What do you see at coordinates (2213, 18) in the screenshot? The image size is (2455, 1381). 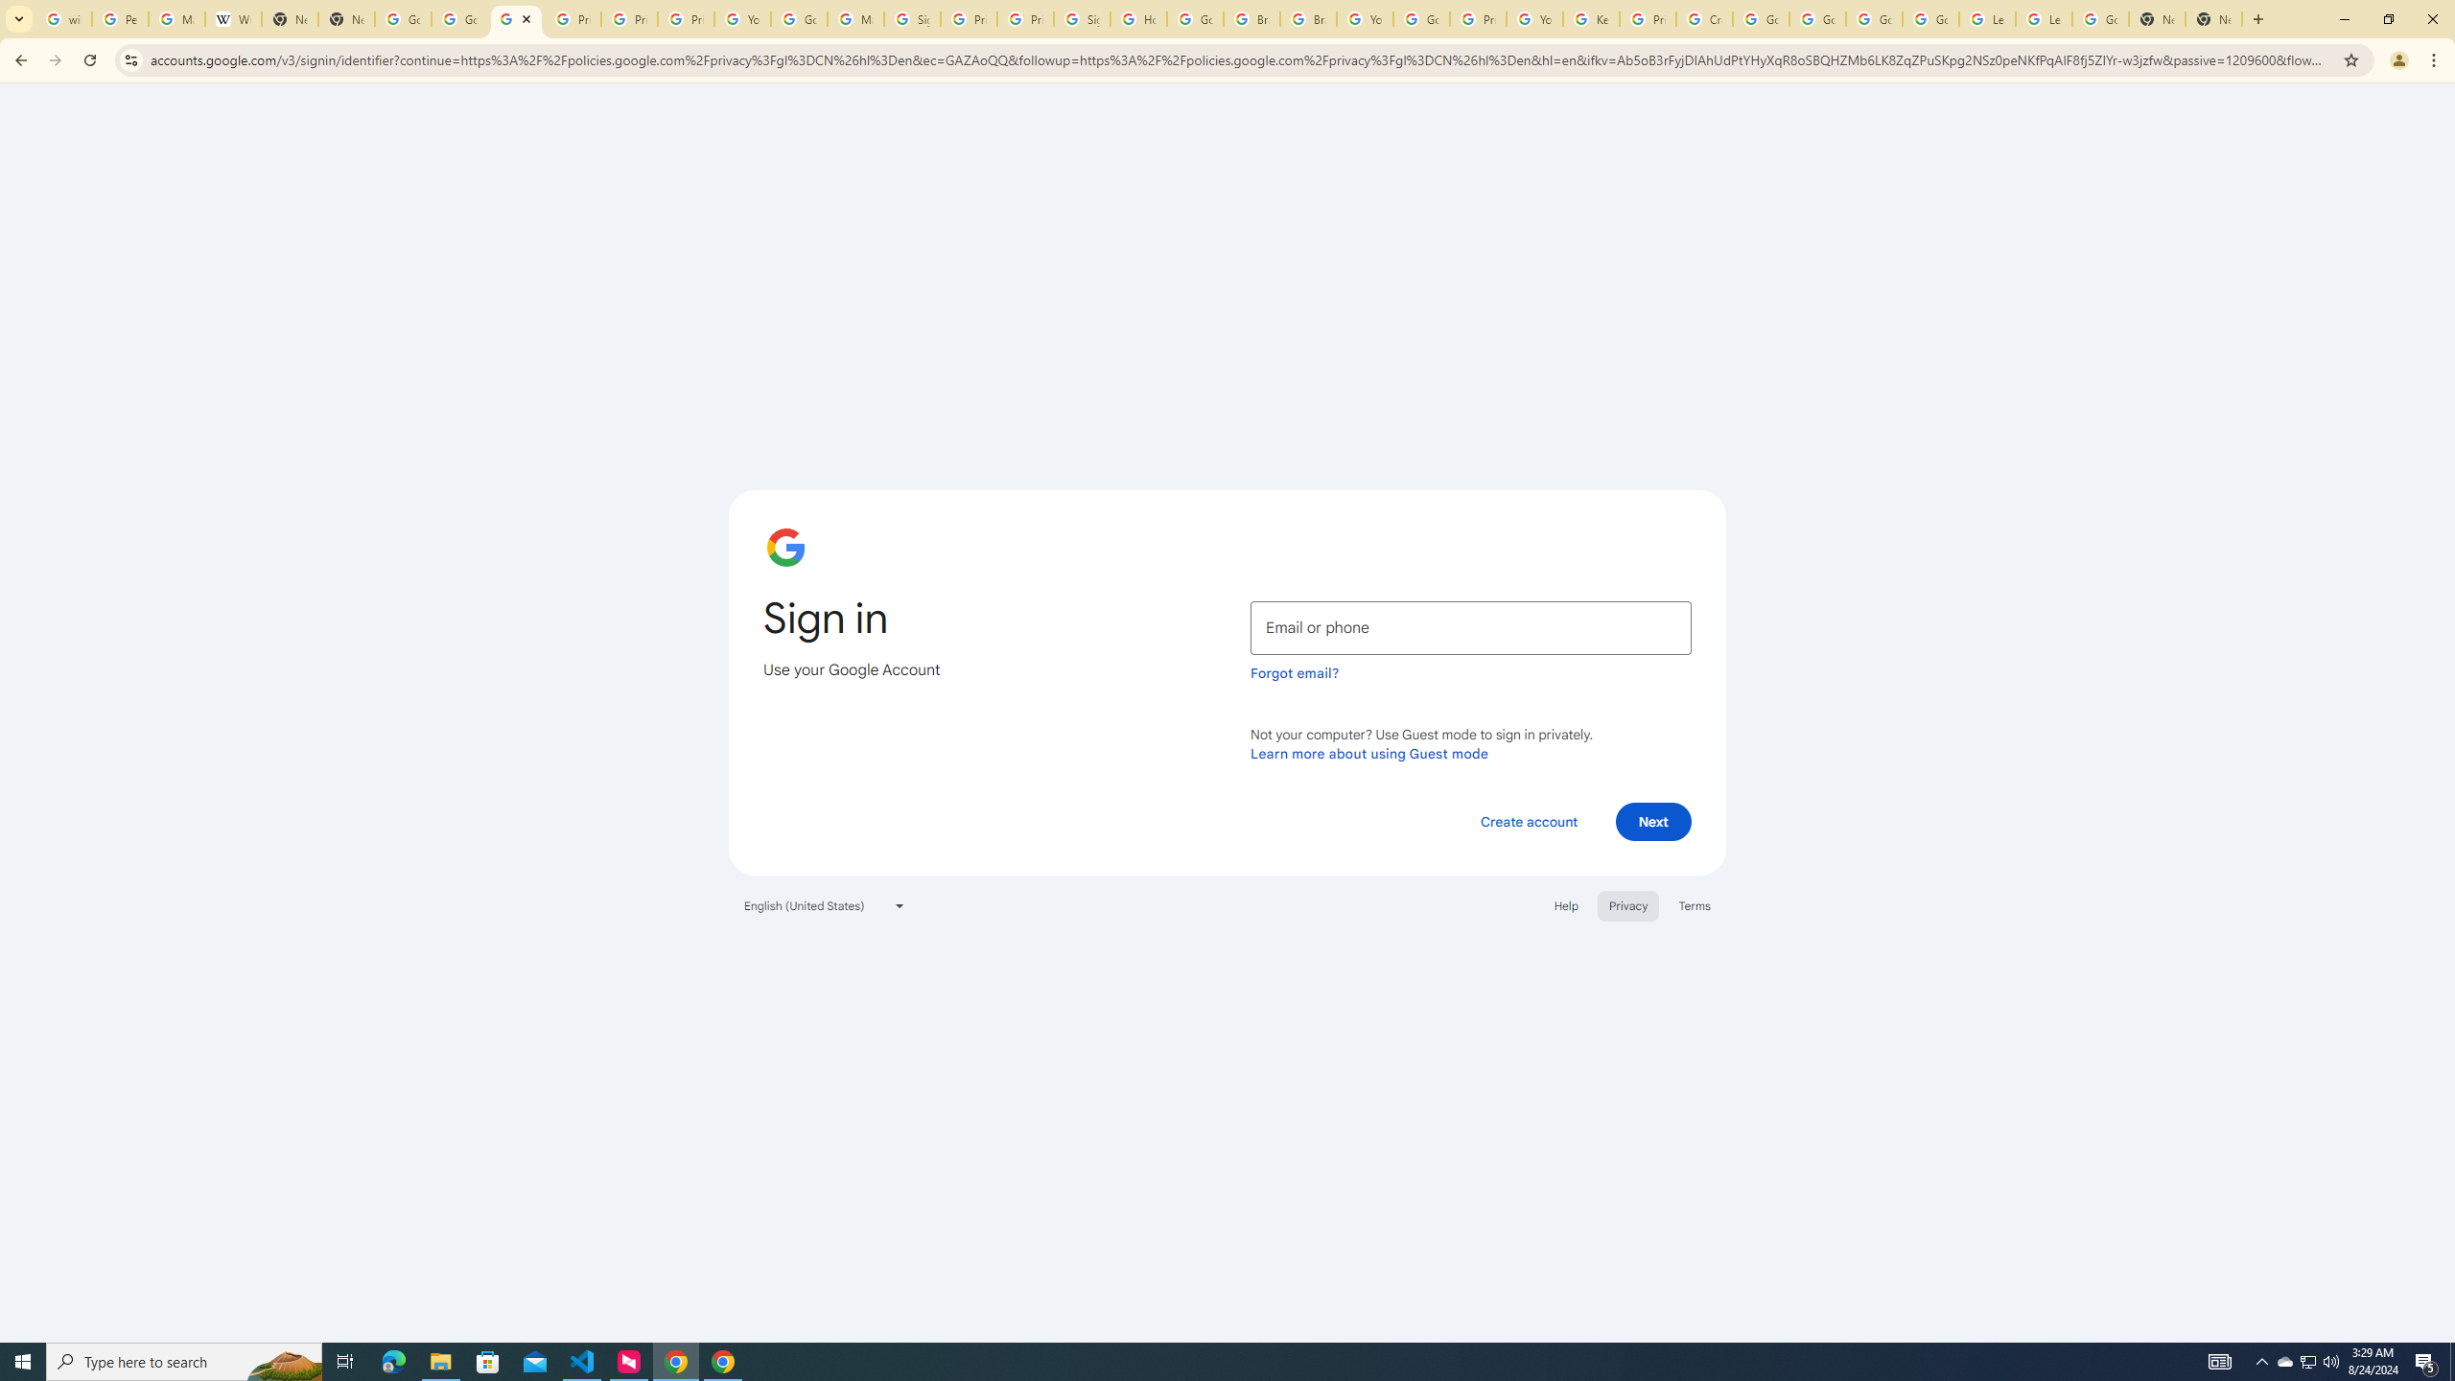 I see `'New Tab'` at bounding box center [2213, 18].